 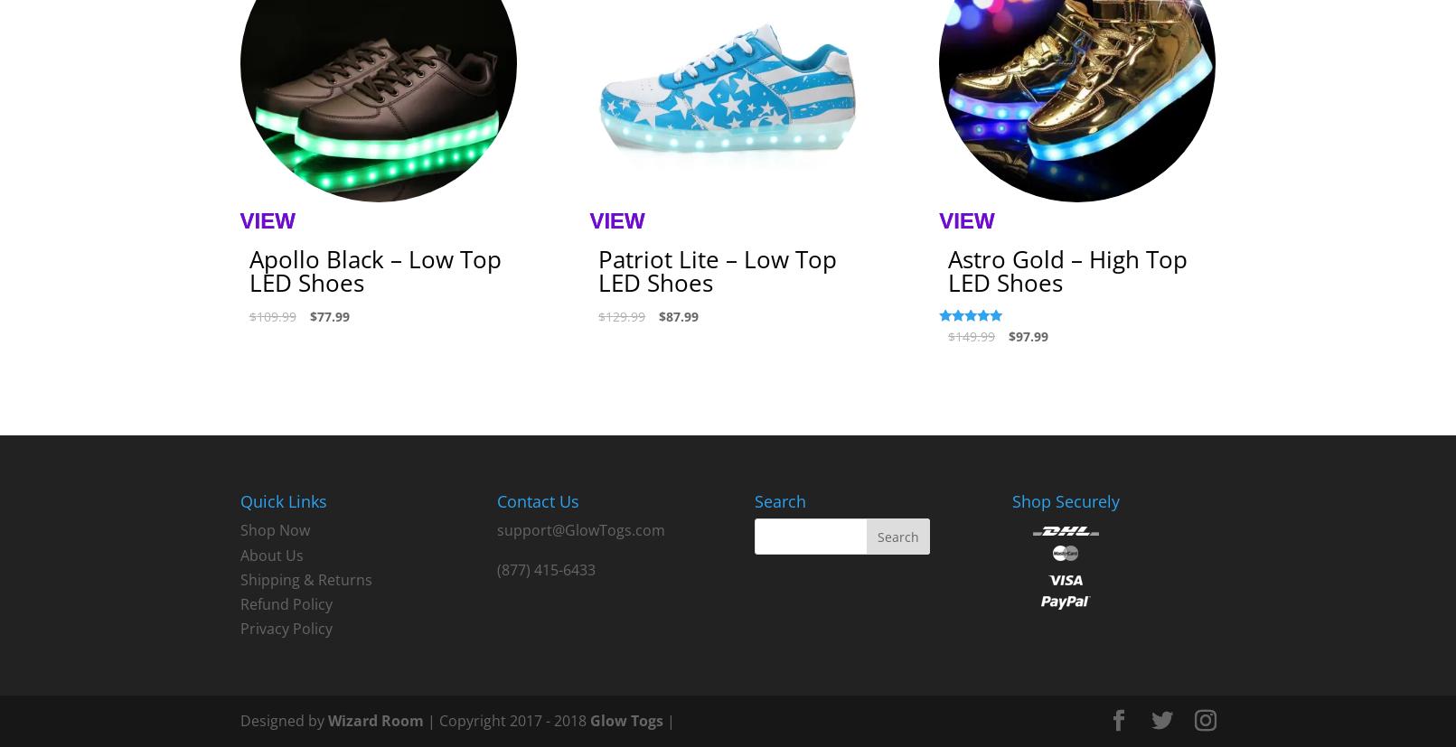 What do you see at coordinates (1066, 270) in the screenshot?
I see `'Astro Gold – High Top LED Shoes'` at bounding box center [1066, 270].